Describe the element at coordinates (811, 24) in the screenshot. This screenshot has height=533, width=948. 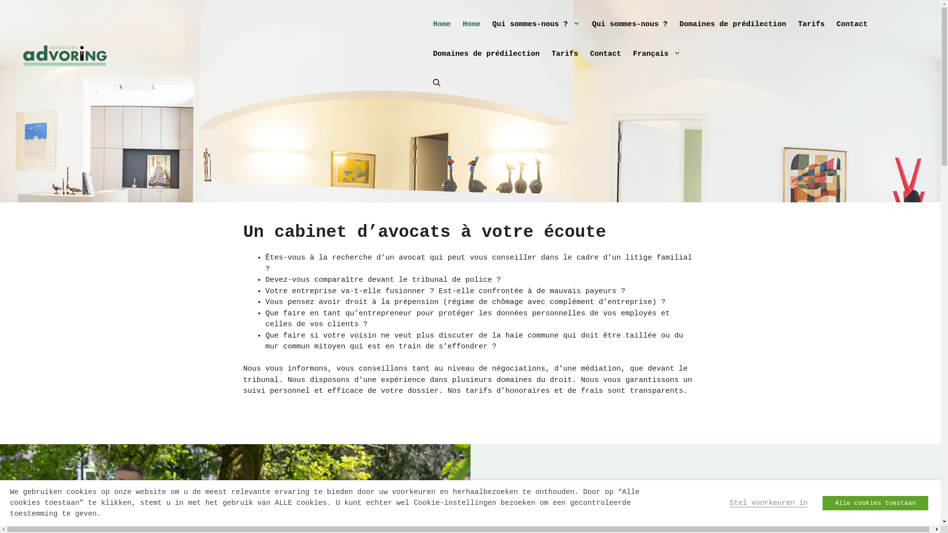
I see `'Tarifs'` at that location.